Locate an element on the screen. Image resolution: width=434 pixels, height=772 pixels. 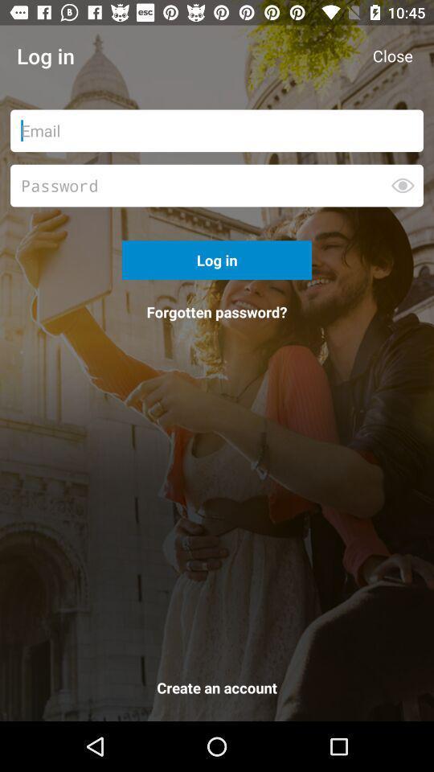
the close item is located at coordinates (391, 55).